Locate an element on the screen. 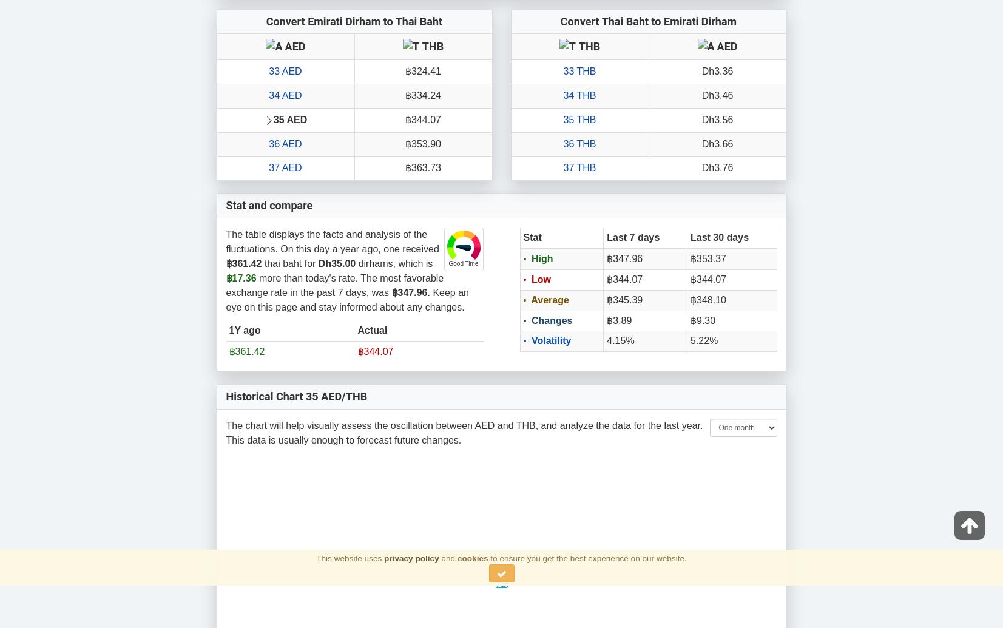 The image size is (1003, 628). '฿353.37' is located at coordinates (708, 258).